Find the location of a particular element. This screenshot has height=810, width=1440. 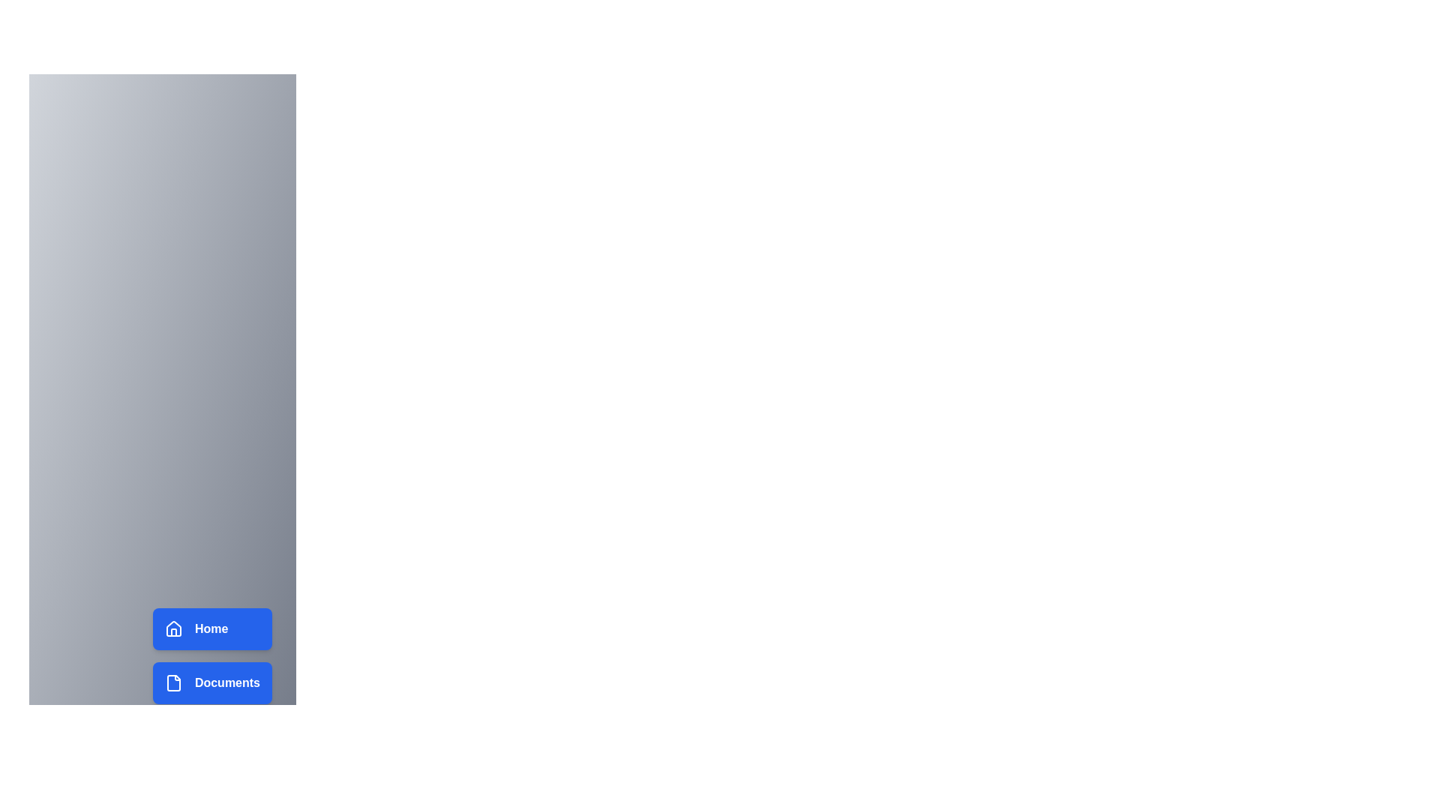

the 'Home' icon located at the bottom-left of the interface, which serves as a visual representation of the 'Home' button is located at coordinates (173, 629).